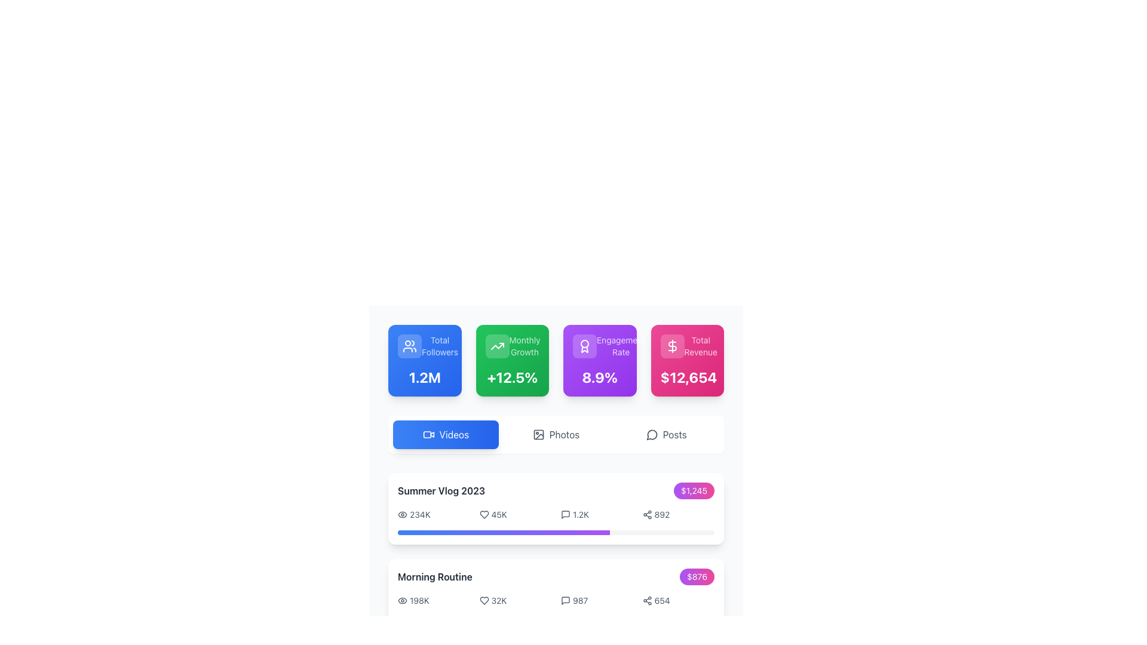 This screenshot has height=645, width=1147. Describe the element at coordinates (499, 514) in the screenshot. I see `the numerical count display for interactions associated with the 'Summer Vlog 2023' entry, which is located between a heart icon and a comments text` at that location.